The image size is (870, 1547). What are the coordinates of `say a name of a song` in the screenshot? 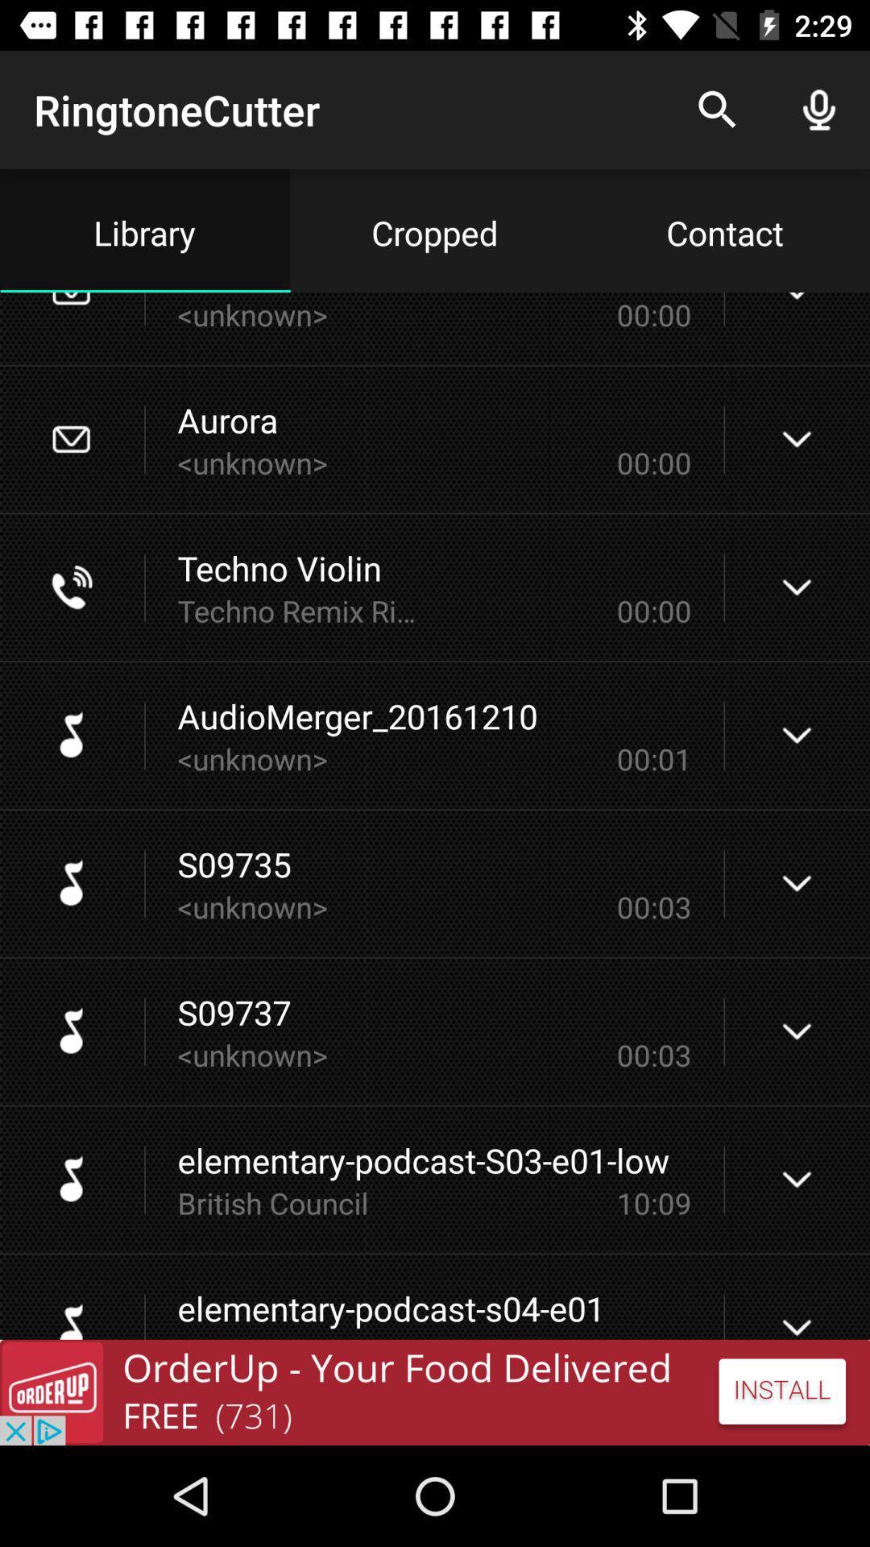 It's located at (435, 1391).